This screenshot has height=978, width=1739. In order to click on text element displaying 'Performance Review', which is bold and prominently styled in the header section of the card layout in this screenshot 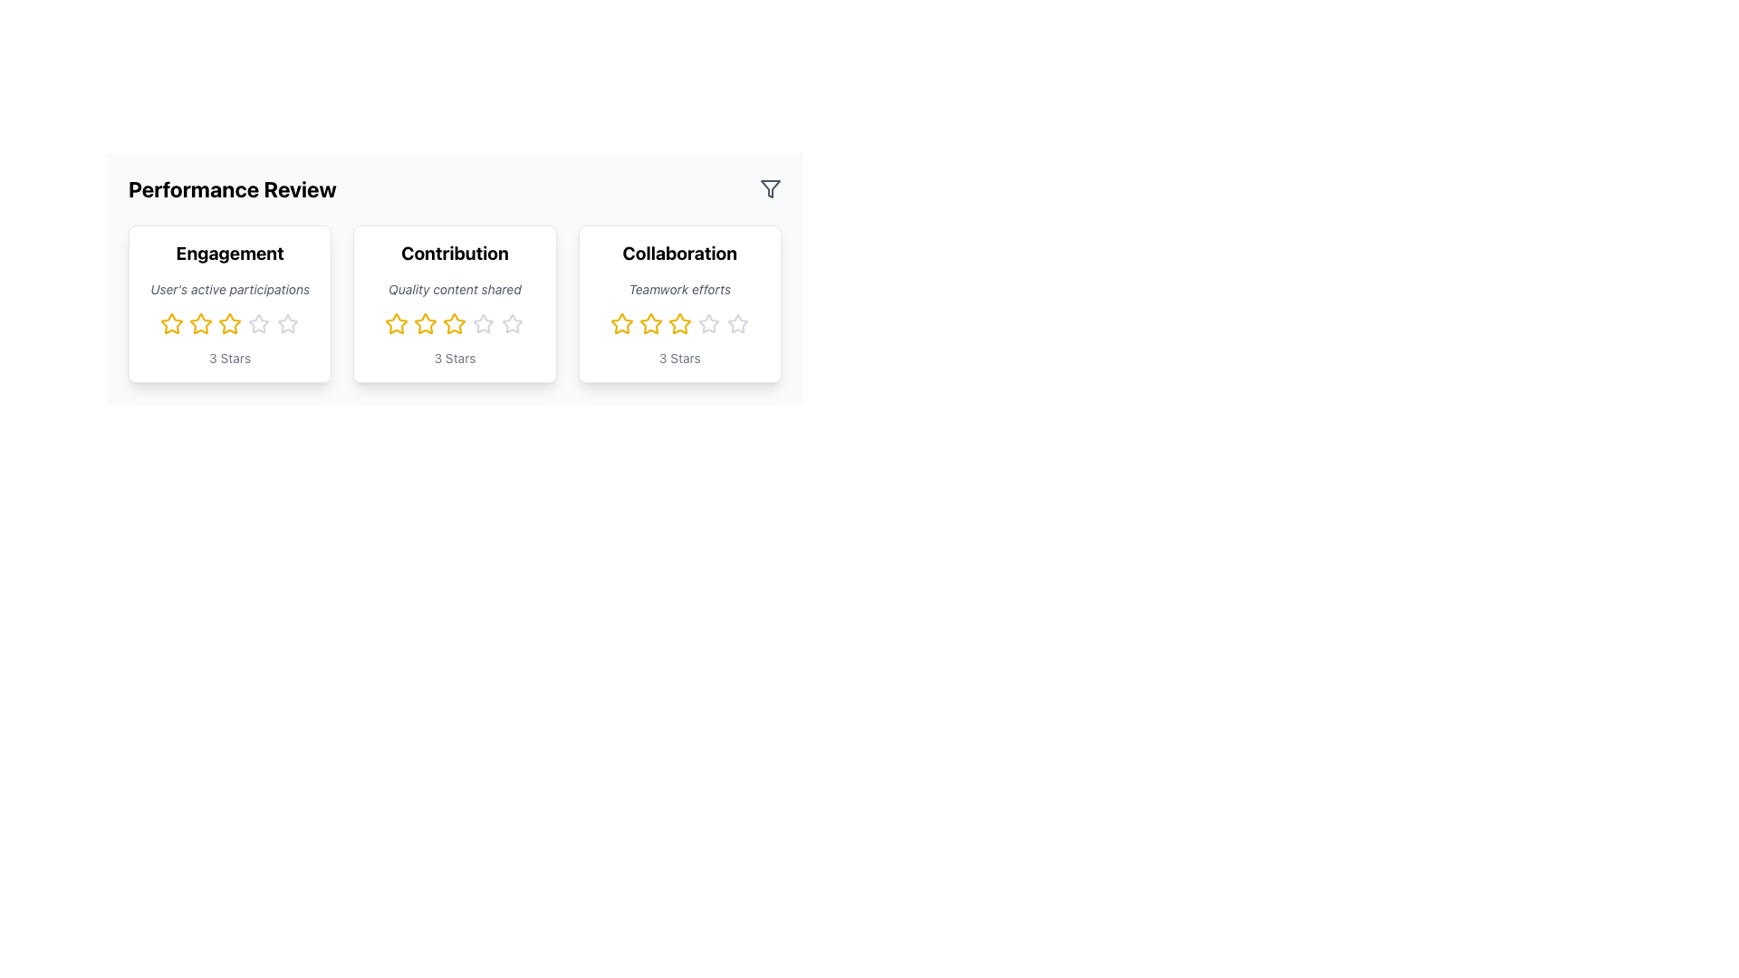, I will do `click(231, 188)`.